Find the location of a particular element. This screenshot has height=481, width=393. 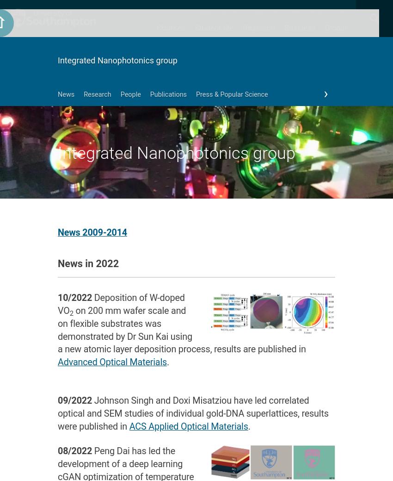

'Commercialising research' is located at coordinates (282, 181).